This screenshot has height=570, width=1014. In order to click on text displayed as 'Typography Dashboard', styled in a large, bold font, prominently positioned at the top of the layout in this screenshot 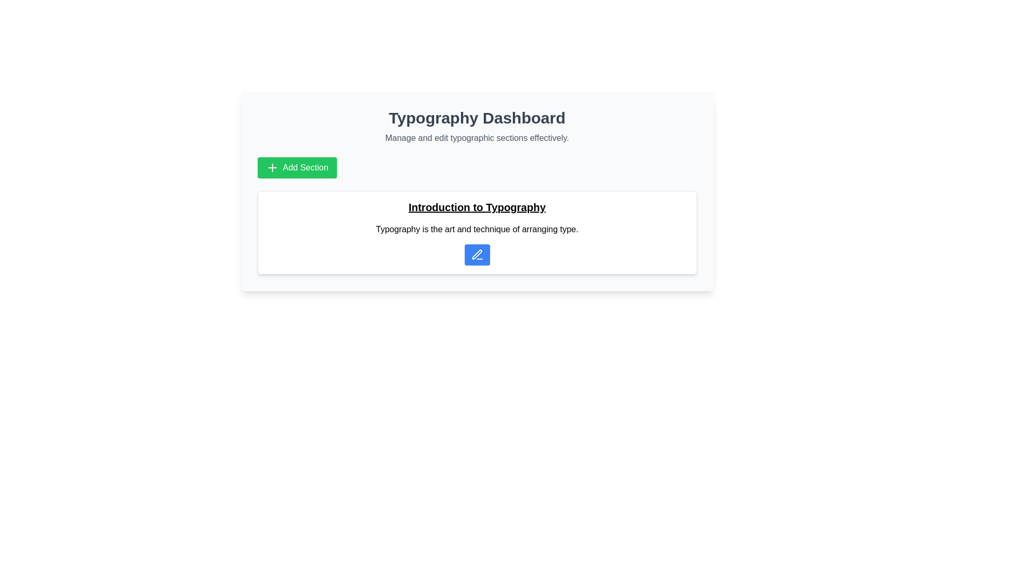, I will do `click(476, 118)`.